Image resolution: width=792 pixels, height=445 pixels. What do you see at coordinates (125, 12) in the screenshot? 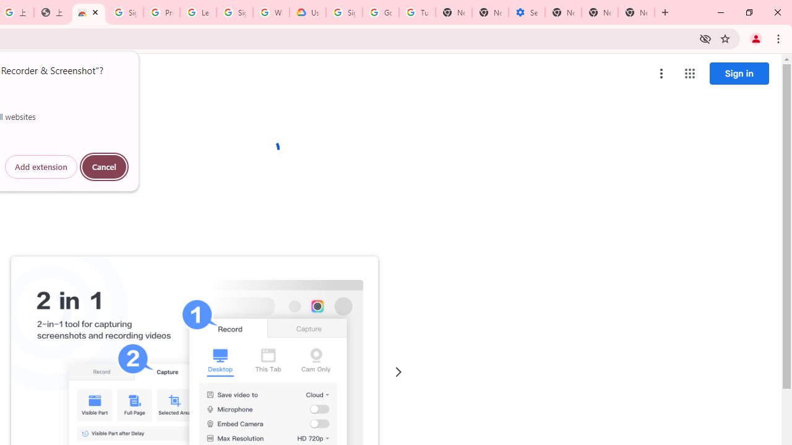
I see `'Sign in - Google Accounts'` at bounding box center [125, 12].